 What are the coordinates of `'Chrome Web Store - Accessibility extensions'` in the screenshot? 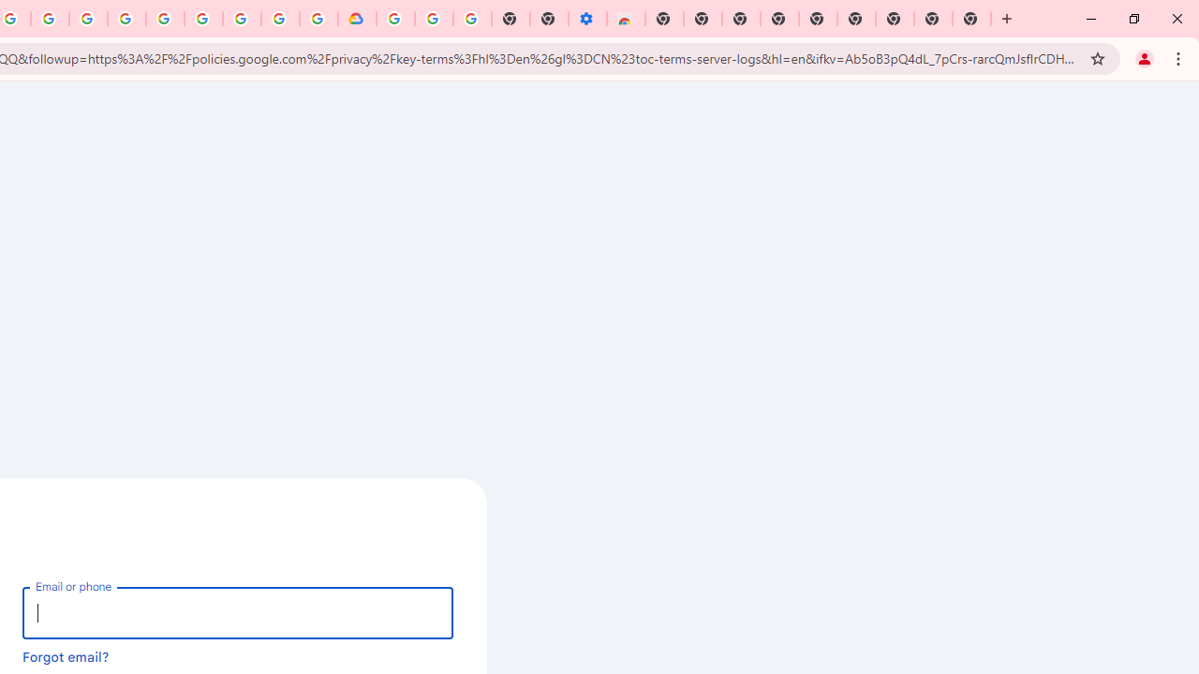 It's located at (626, 19).